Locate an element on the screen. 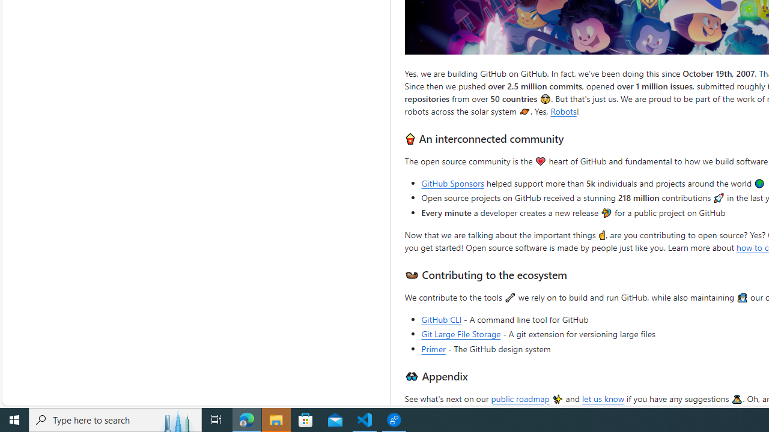  'Primer' is located at coordinates (433, 349).